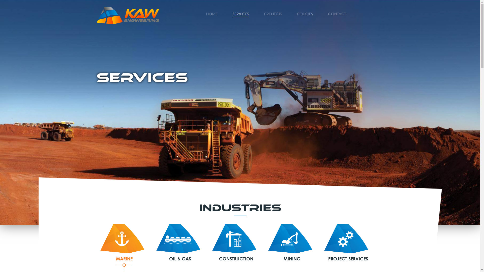 The height and width of the screenshot is (272, 484). I want to click on 'PROJECTS', so click(273, 13).